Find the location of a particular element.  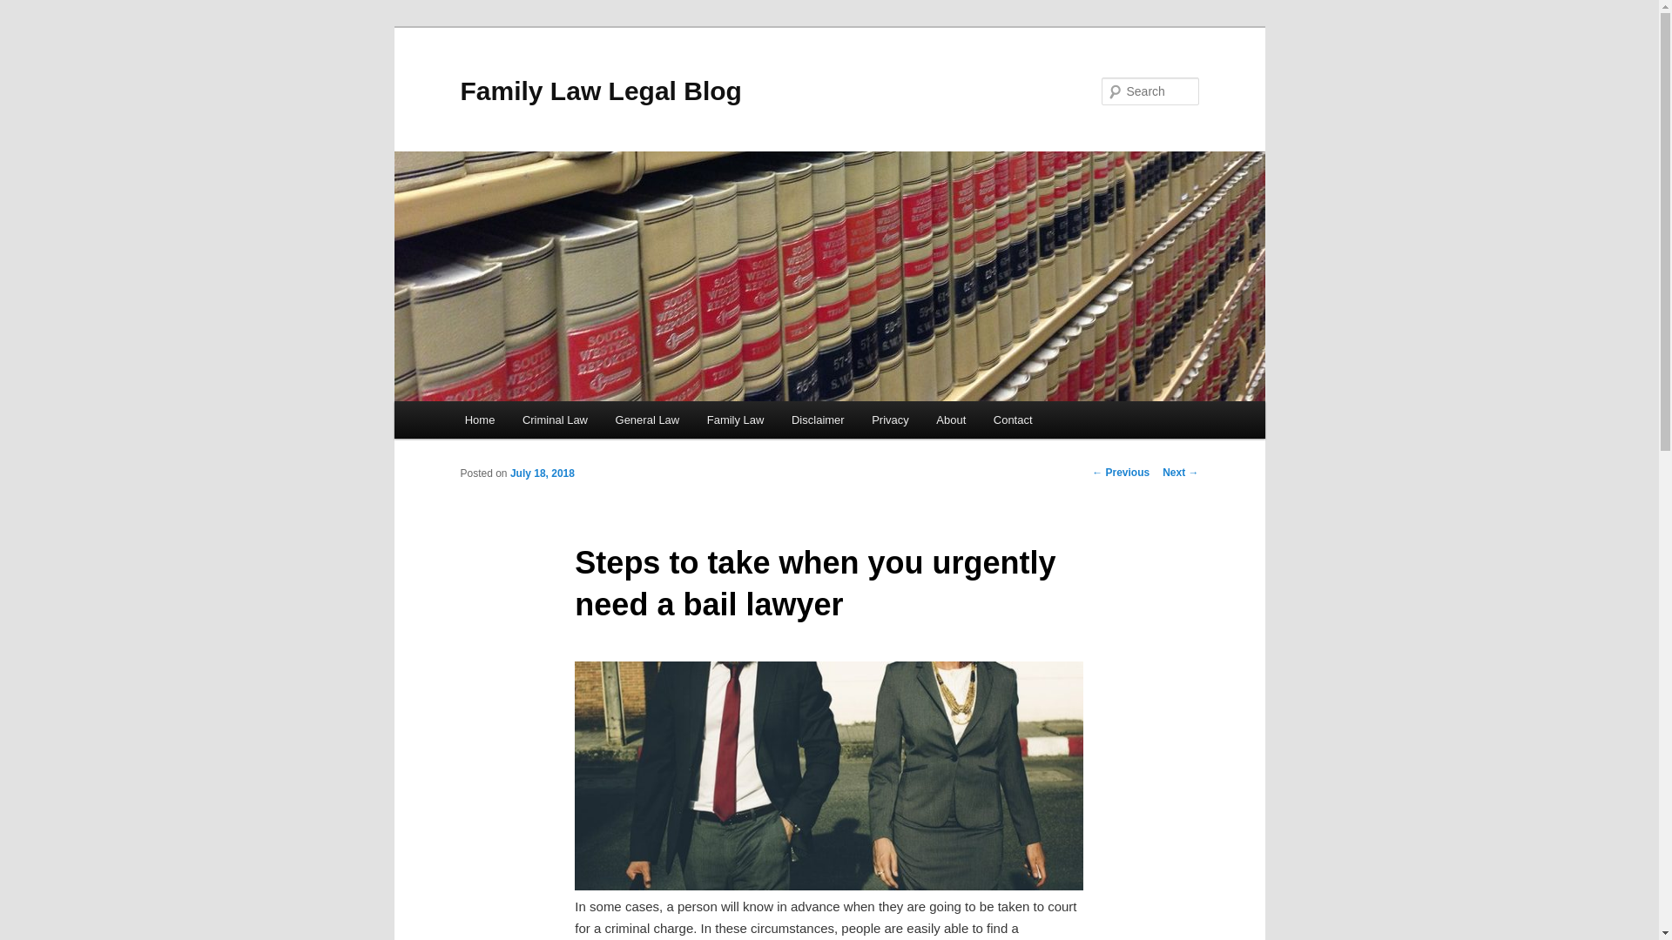

'Criminal Law' is located at coordinates (554, 420).